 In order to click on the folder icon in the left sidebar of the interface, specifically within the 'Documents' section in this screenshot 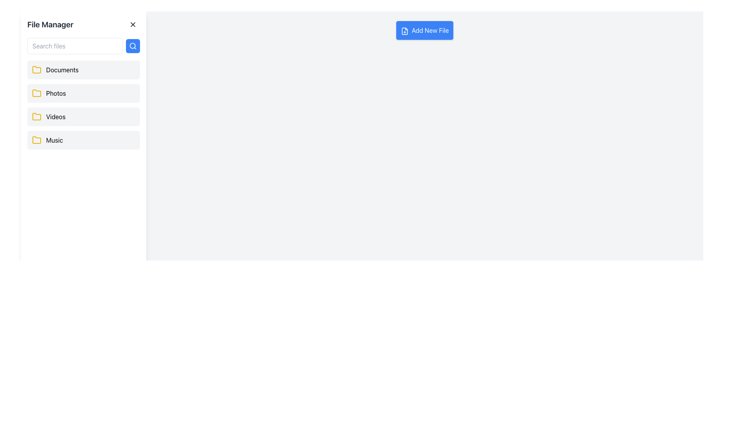, I will do `click(36, 69)`.